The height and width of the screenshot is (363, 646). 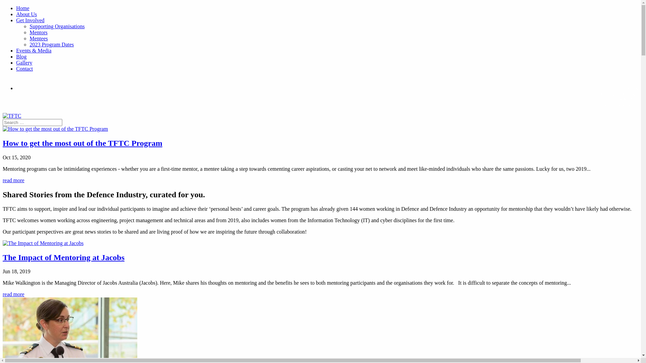 I want to click on 'The Impact of Mentoring at Jacobs', so click(x=3, y=257).